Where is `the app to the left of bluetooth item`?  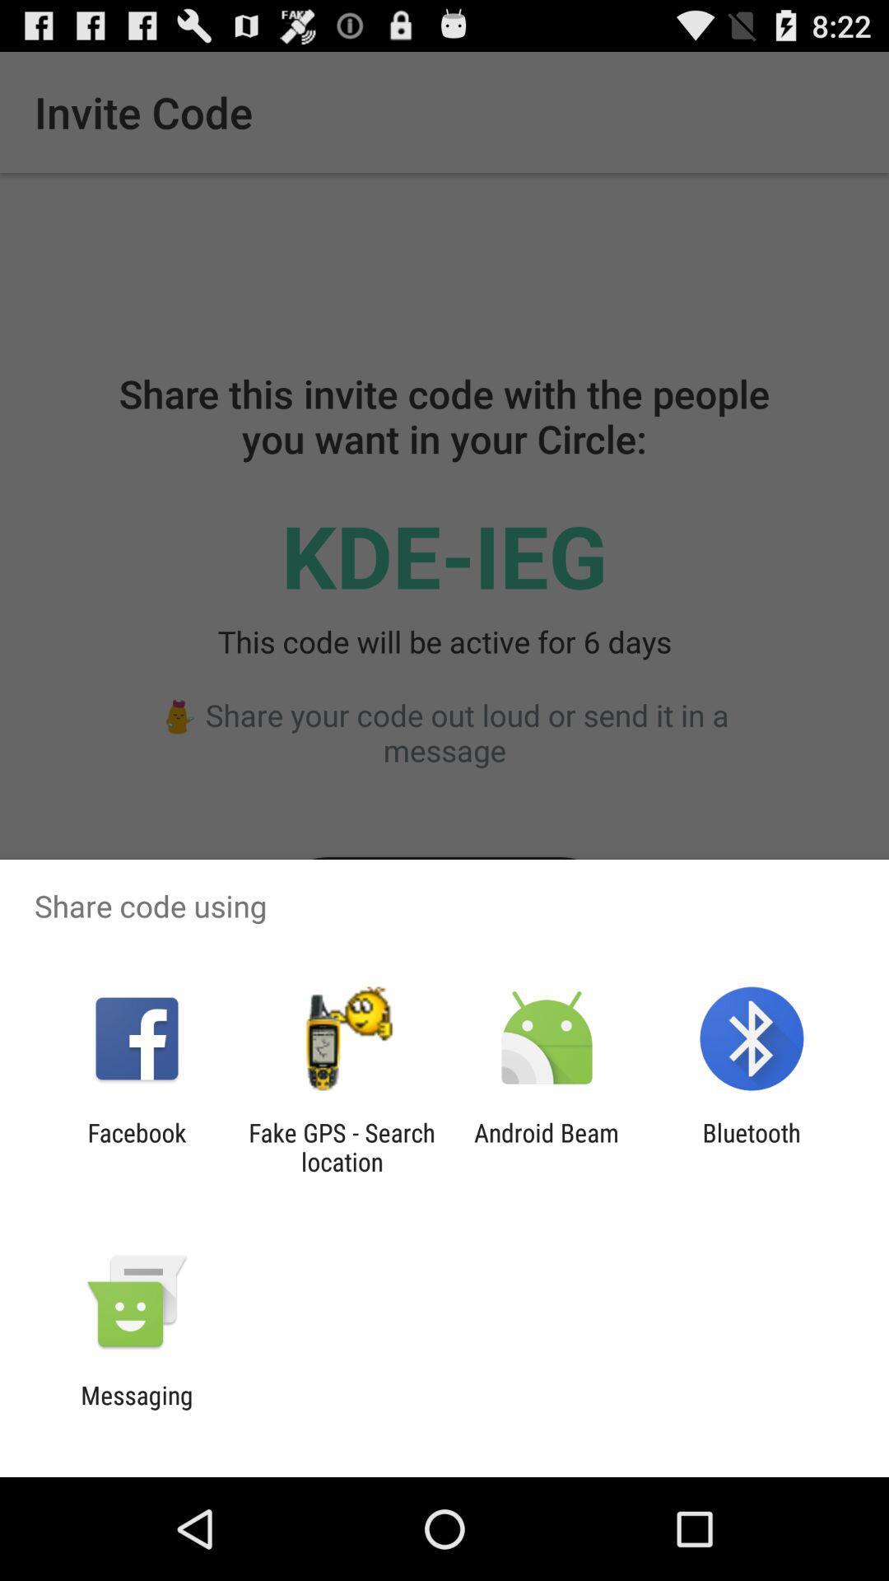 the app to the left of bluetooth item is located at coordinates (547, 1146).